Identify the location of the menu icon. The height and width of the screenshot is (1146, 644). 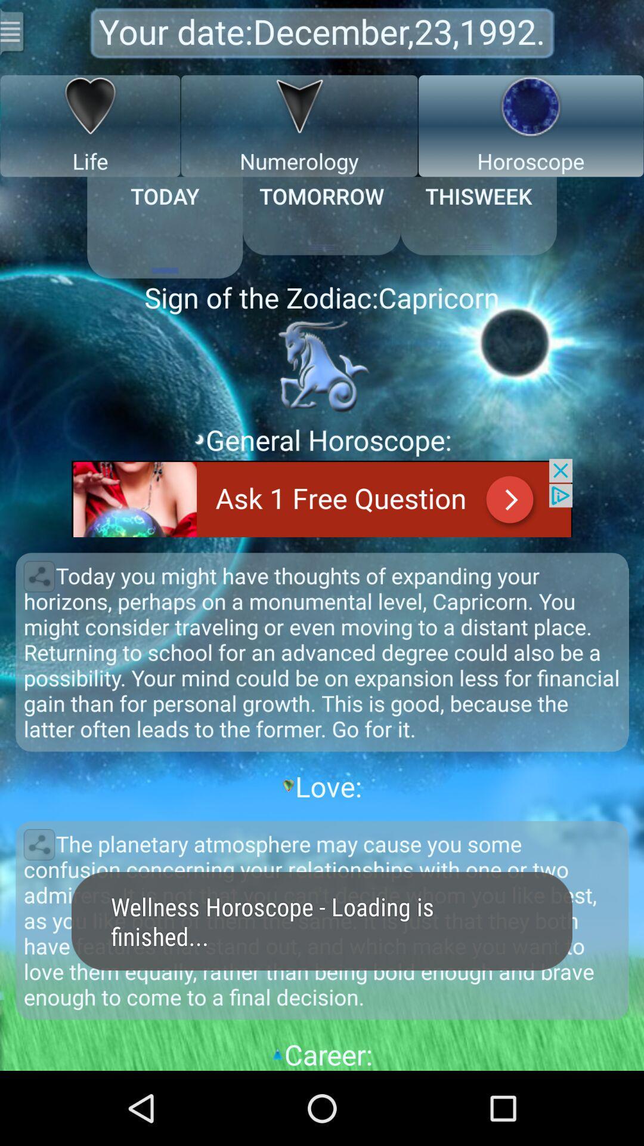
(13, 33).